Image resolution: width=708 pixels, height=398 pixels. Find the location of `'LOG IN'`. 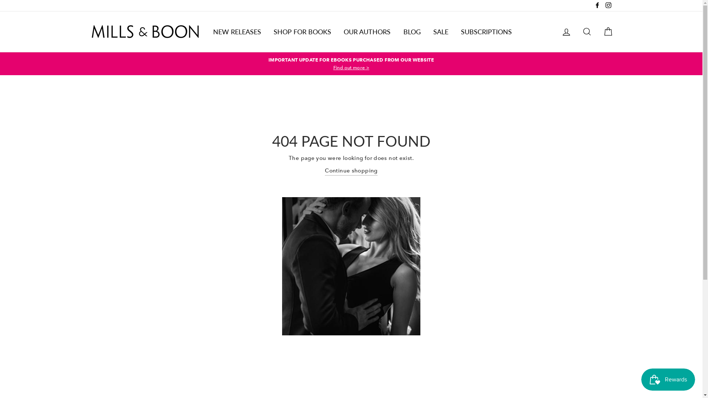

'LOG IN' is located at coordinates (566, 31).